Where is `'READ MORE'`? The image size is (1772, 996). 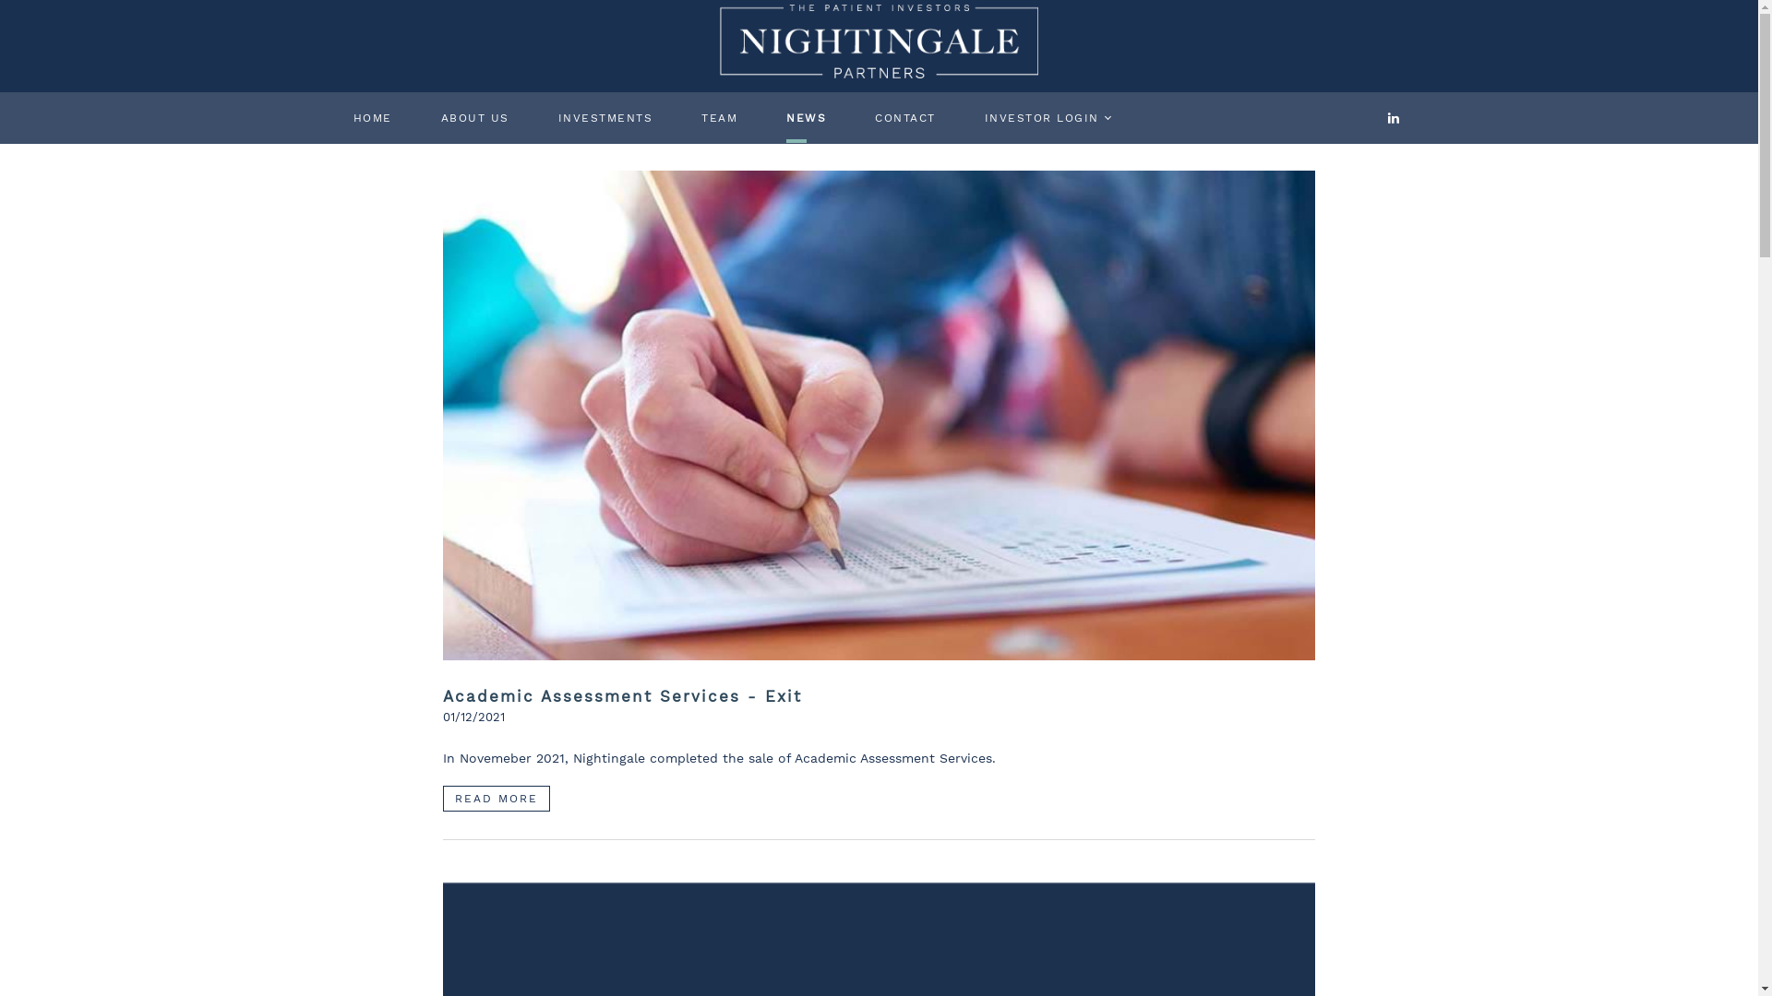
'READ MORE' is located at coordinates (496, 798).